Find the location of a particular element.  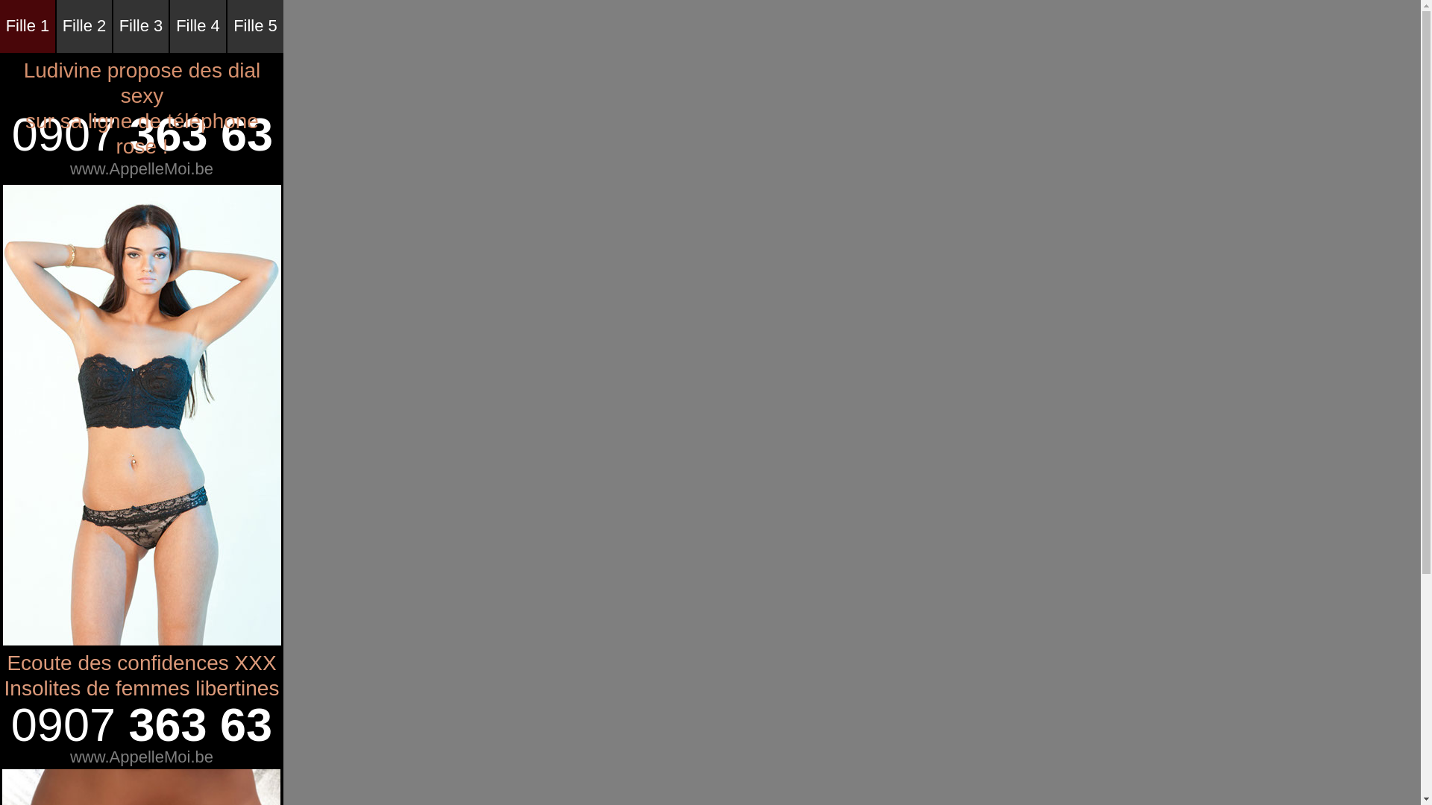

'Fille 1' is located at coordinates (0, 26).